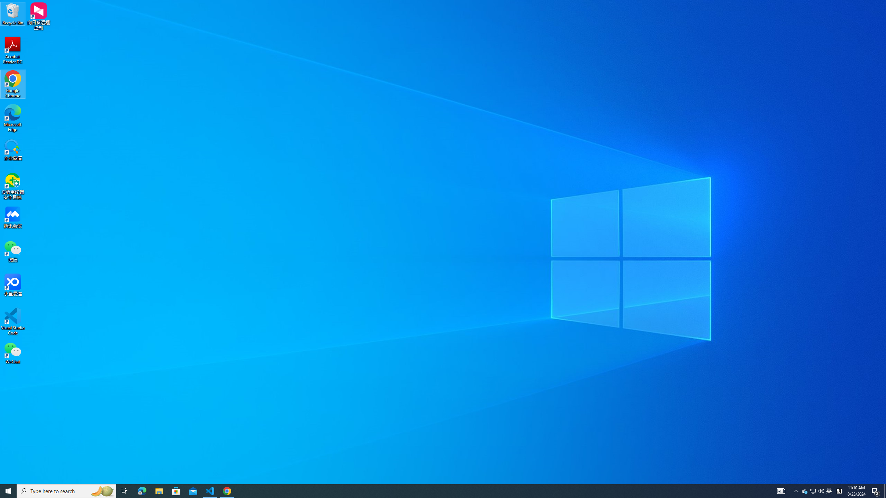  What do you see at coordinates (12, 84) in the screenshot?
I see `'Google Chrome'` at bounding box center [12, 84].